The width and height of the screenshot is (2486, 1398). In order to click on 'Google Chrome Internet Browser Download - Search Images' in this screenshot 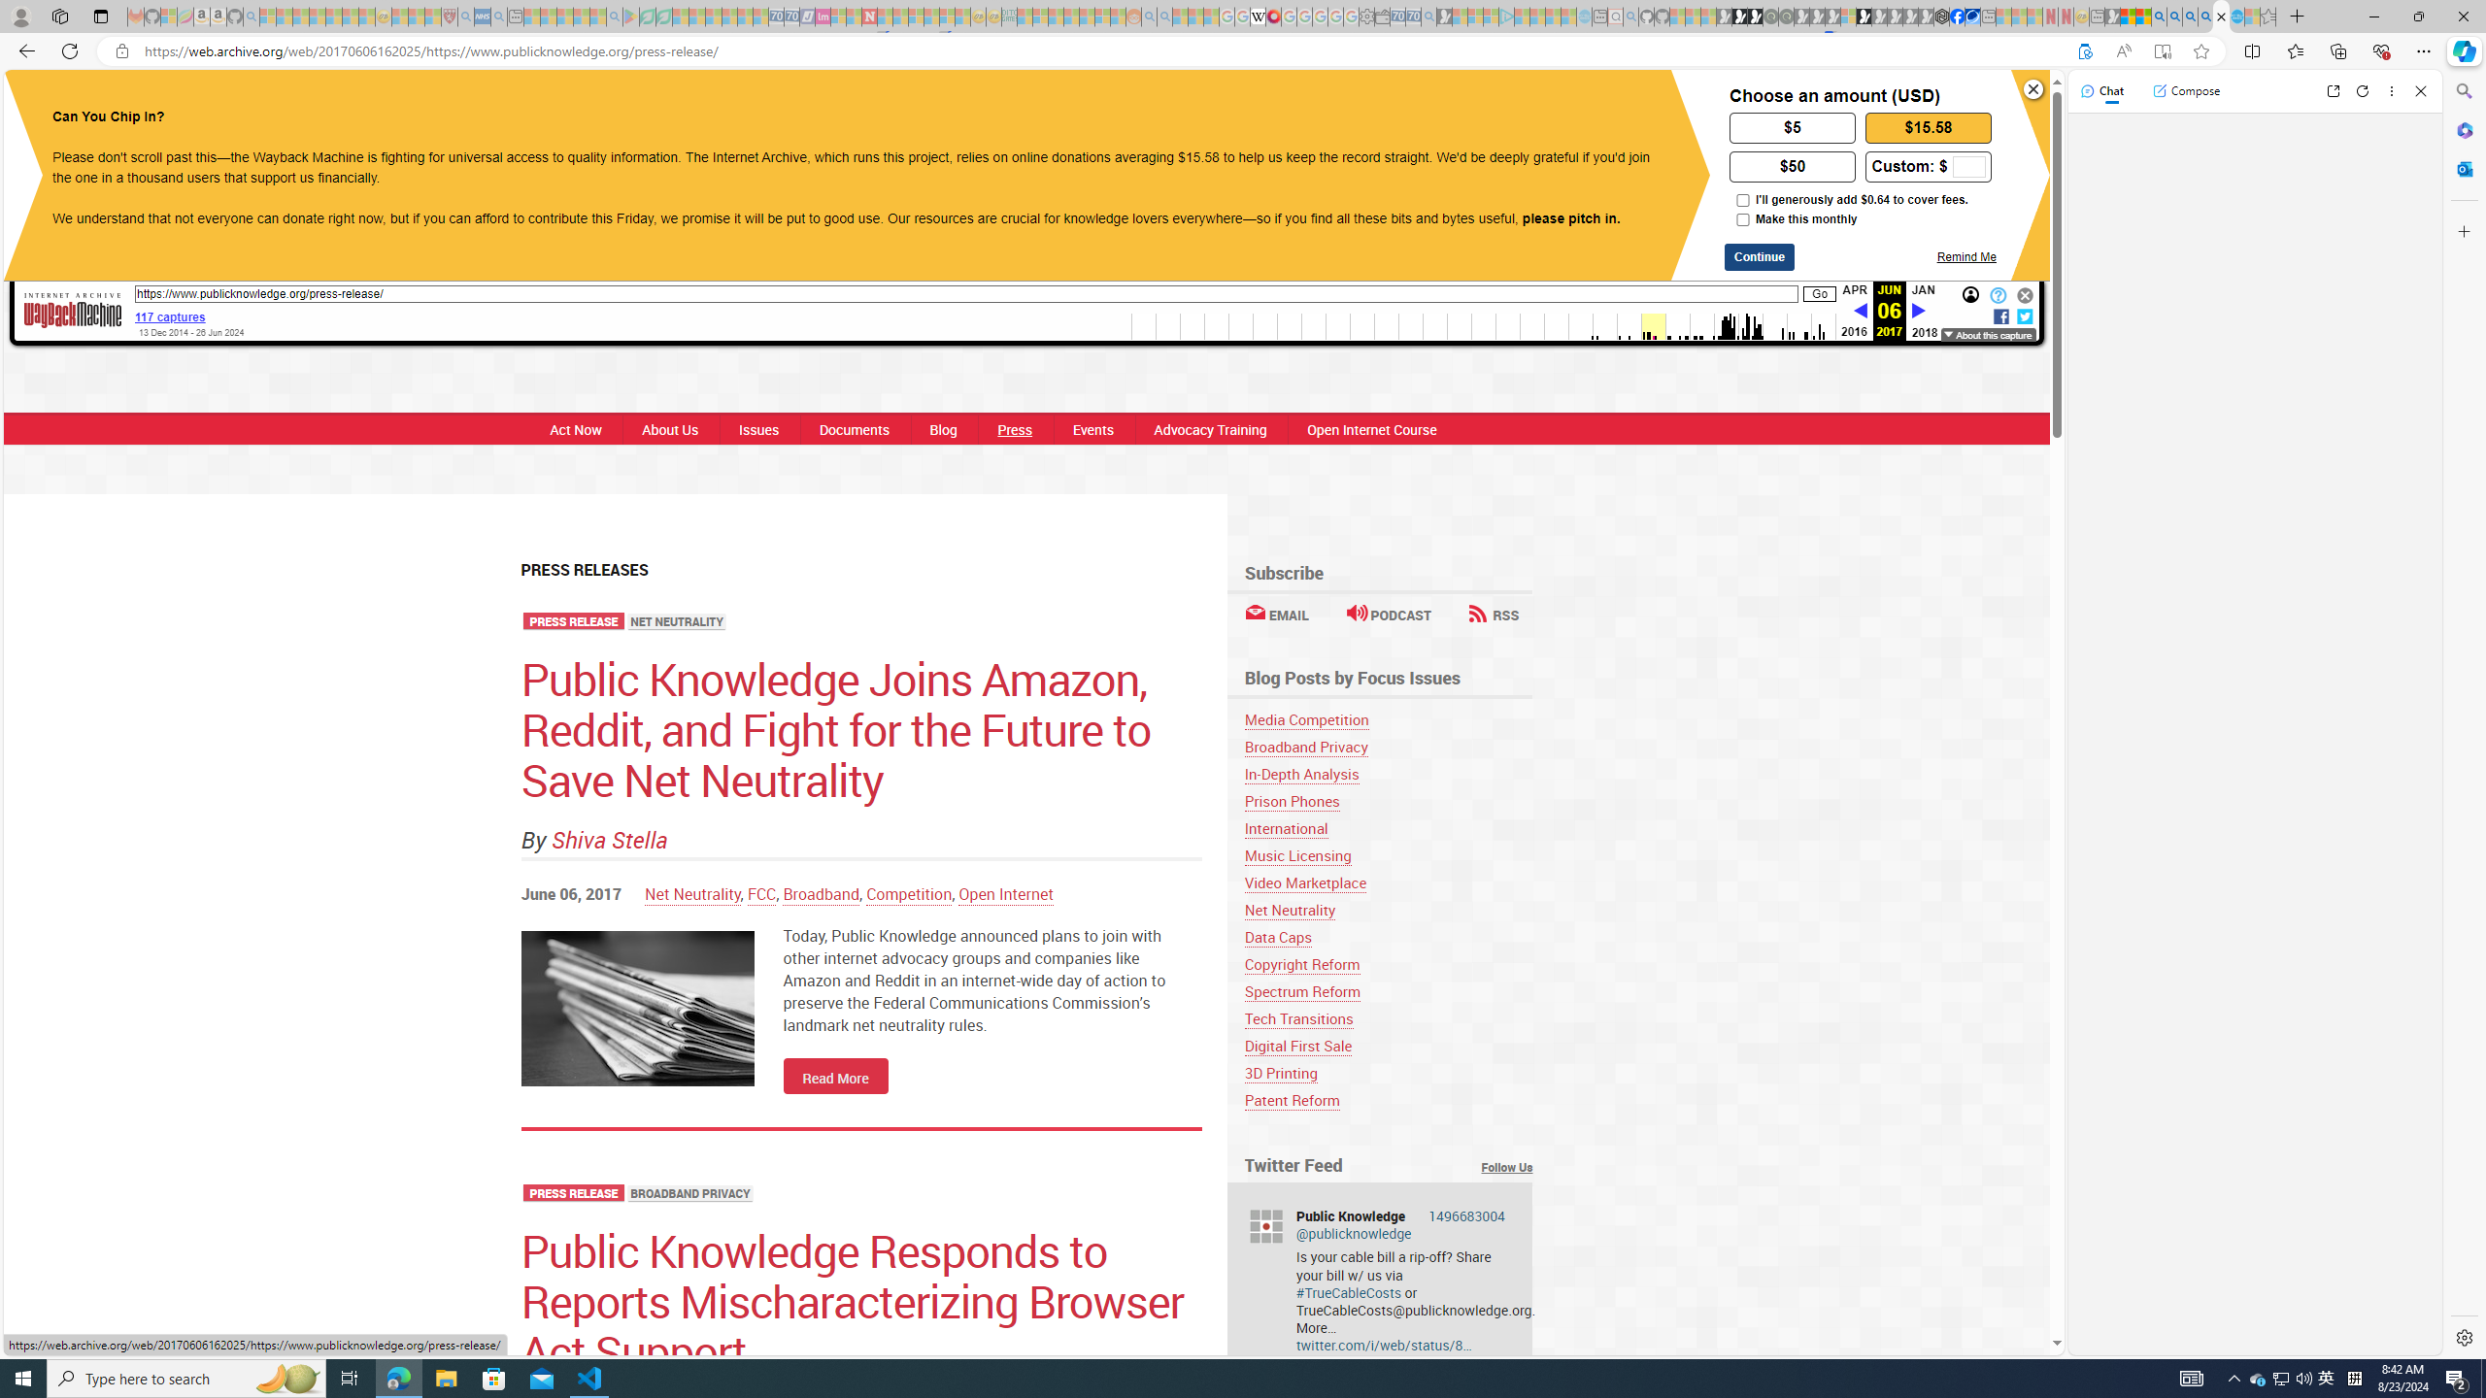, I will do `click(2205, 16)`.